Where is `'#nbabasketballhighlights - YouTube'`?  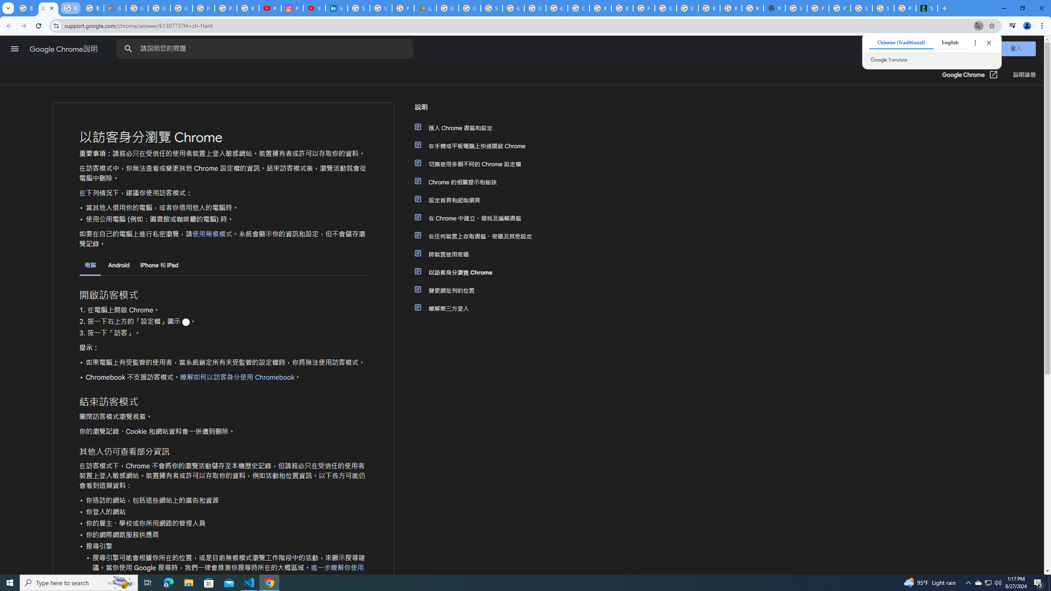
'#nbabasketballhighlights - YouTube' is located at coordinates (269, 8).